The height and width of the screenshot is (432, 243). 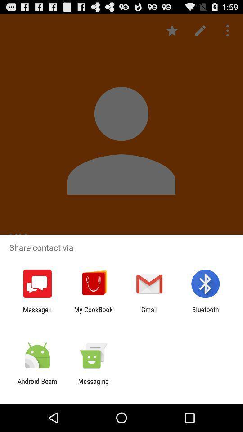 What do you see at coordinates (37, 385) in the screenshot?
I see `the android beam` at bounding box center [37, 385].